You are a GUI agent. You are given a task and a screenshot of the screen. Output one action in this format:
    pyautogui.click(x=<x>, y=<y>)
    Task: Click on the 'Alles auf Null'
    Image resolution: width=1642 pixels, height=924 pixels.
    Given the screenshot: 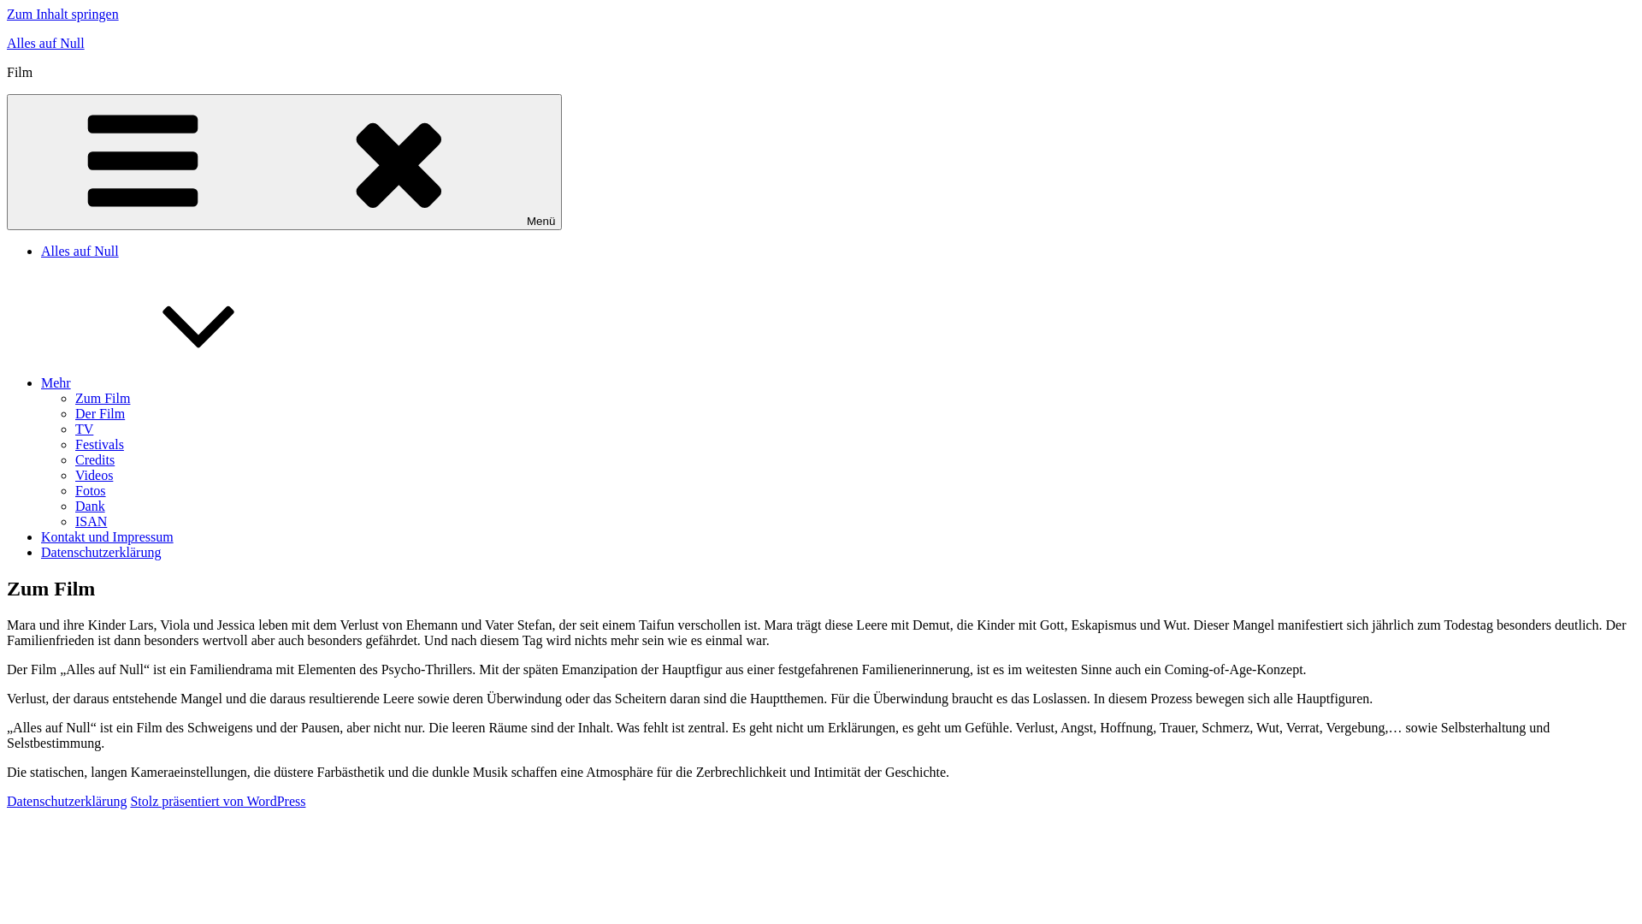 What is the action you would take?
    pyautogui.click(x=45, y=42)
    